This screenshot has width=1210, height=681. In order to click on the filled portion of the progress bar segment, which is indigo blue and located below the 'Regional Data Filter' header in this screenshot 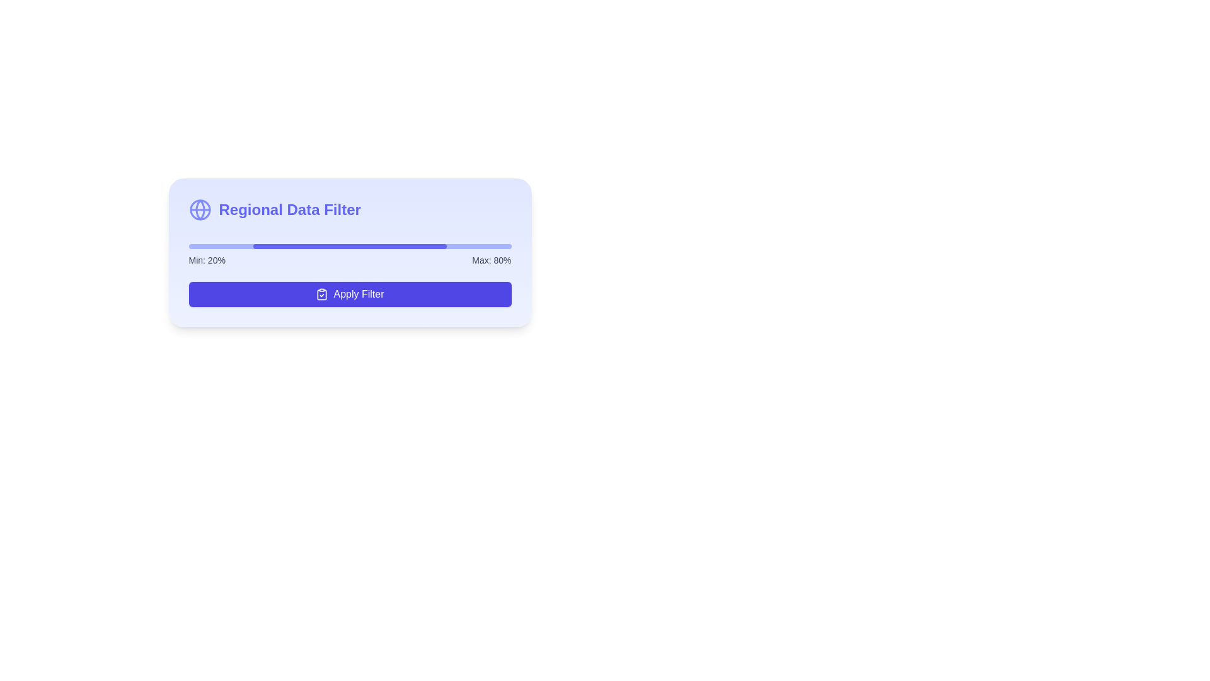, I will do `click(350, 246)`.